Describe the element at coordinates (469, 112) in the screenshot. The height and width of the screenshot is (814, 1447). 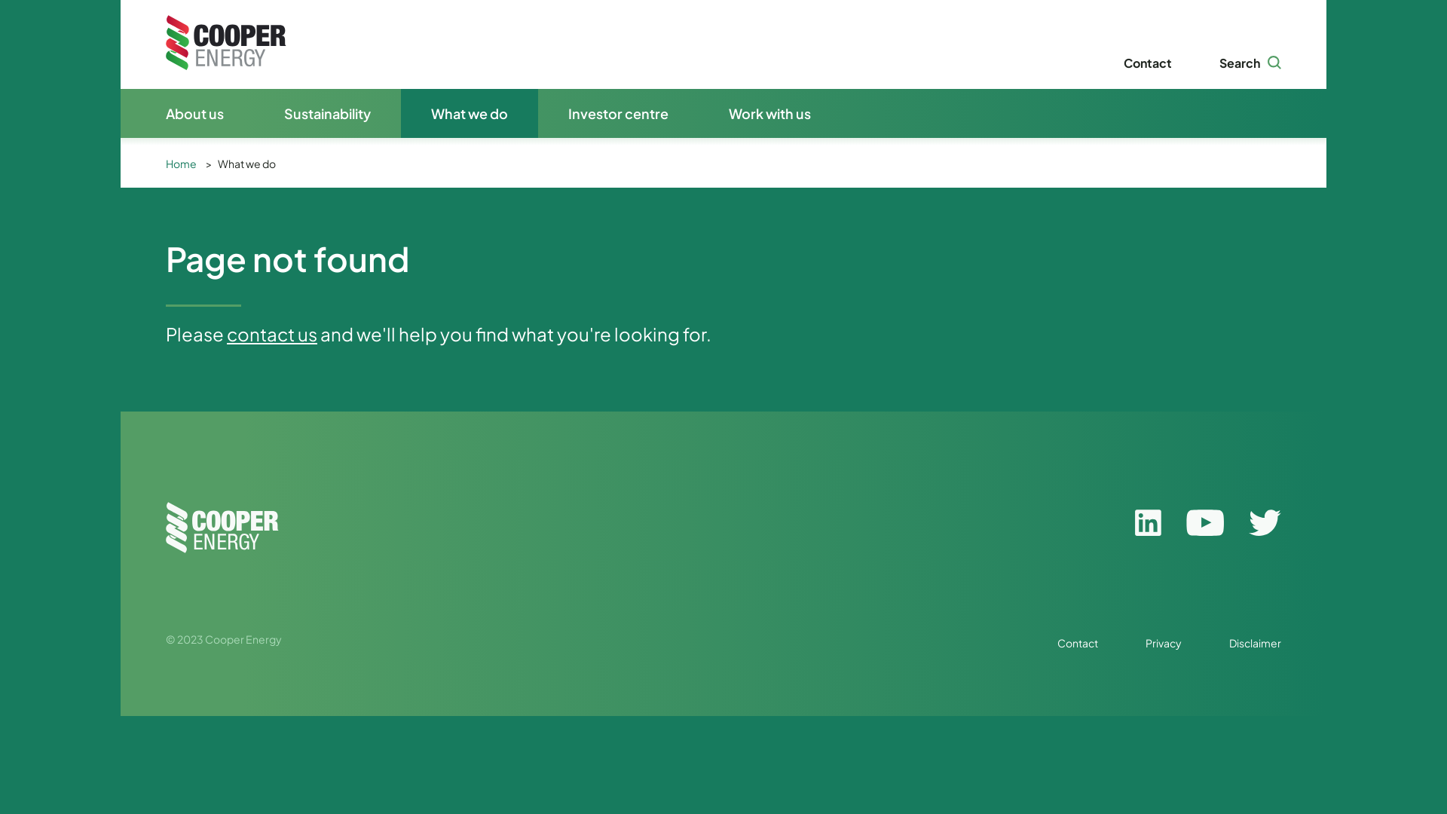
I see `'What we do'` at that location.